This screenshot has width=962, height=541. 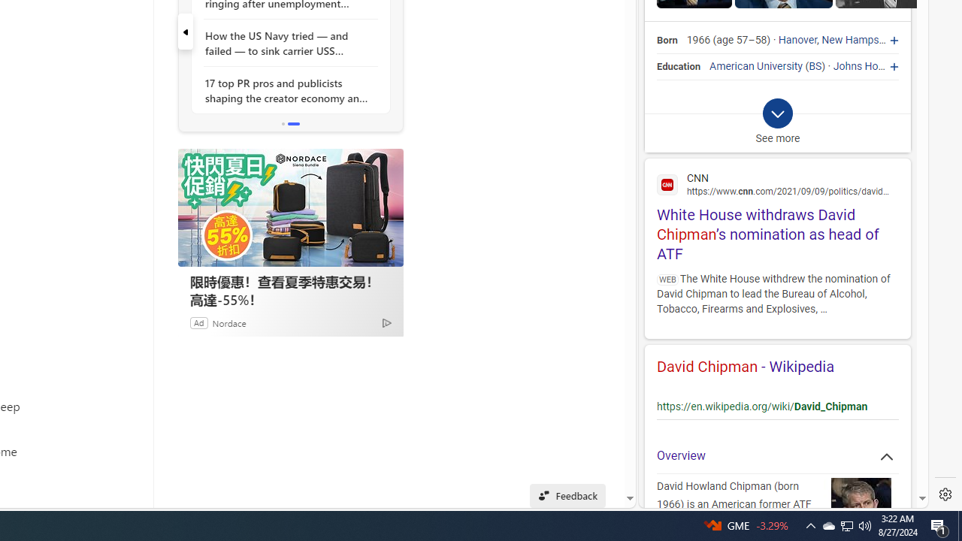 What do you see at coordinates (797, 40) in the screenshot?
I see `'Hanover'` at bounding box center [797, 40].